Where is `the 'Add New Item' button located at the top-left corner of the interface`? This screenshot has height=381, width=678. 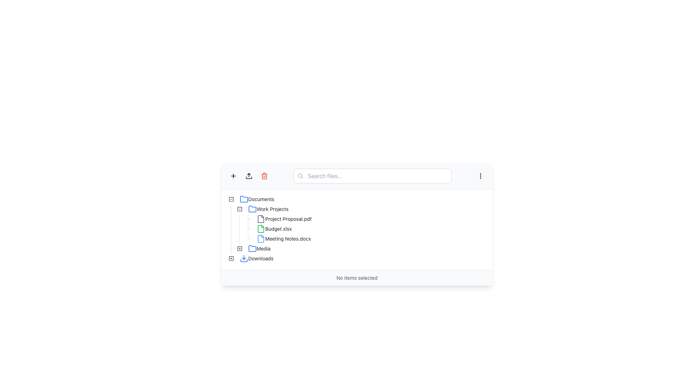
the 'Add New Item' button located at the top-left corner of the interface is located at coordinates (233, 175).